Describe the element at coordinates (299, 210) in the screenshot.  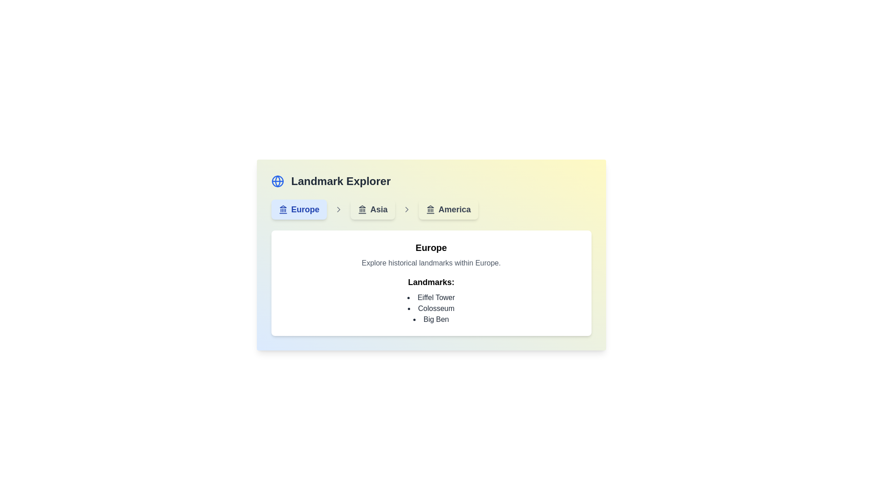
I see `the blue-highlighted button labeled 'Europe' with a landmark structure icon` at that location.